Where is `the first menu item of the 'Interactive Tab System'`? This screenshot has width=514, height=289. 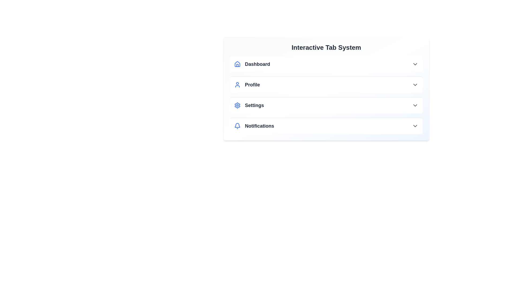
the first menu item of the 'Interactive Tab System' is located at coordinates (326, 64).